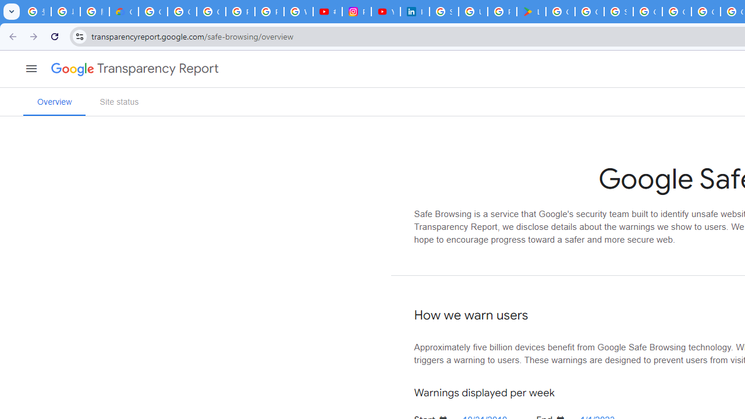 This screenshot has height=419, width=745. Describe the element at coordinates (68, 69) in the screenshot. I see `'Google'` at that location.